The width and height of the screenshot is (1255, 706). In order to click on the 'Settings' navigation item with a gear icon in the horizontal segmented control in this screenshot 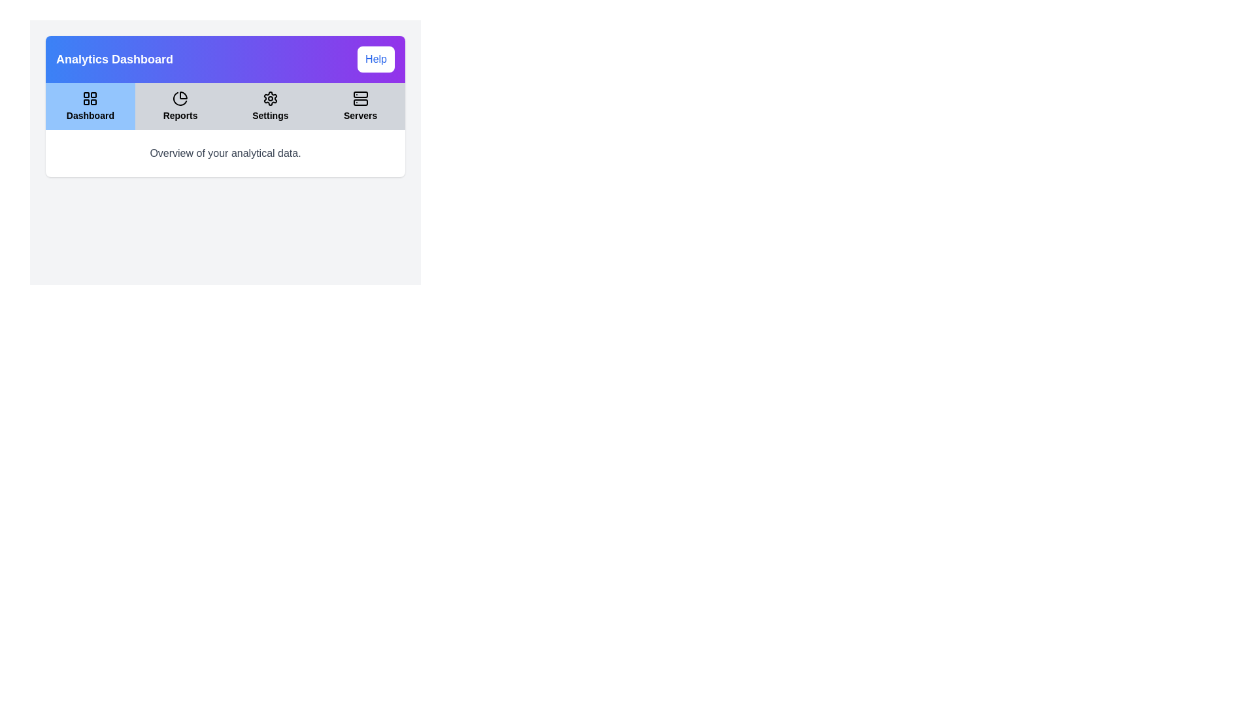, I will do `click(269, 105)`.